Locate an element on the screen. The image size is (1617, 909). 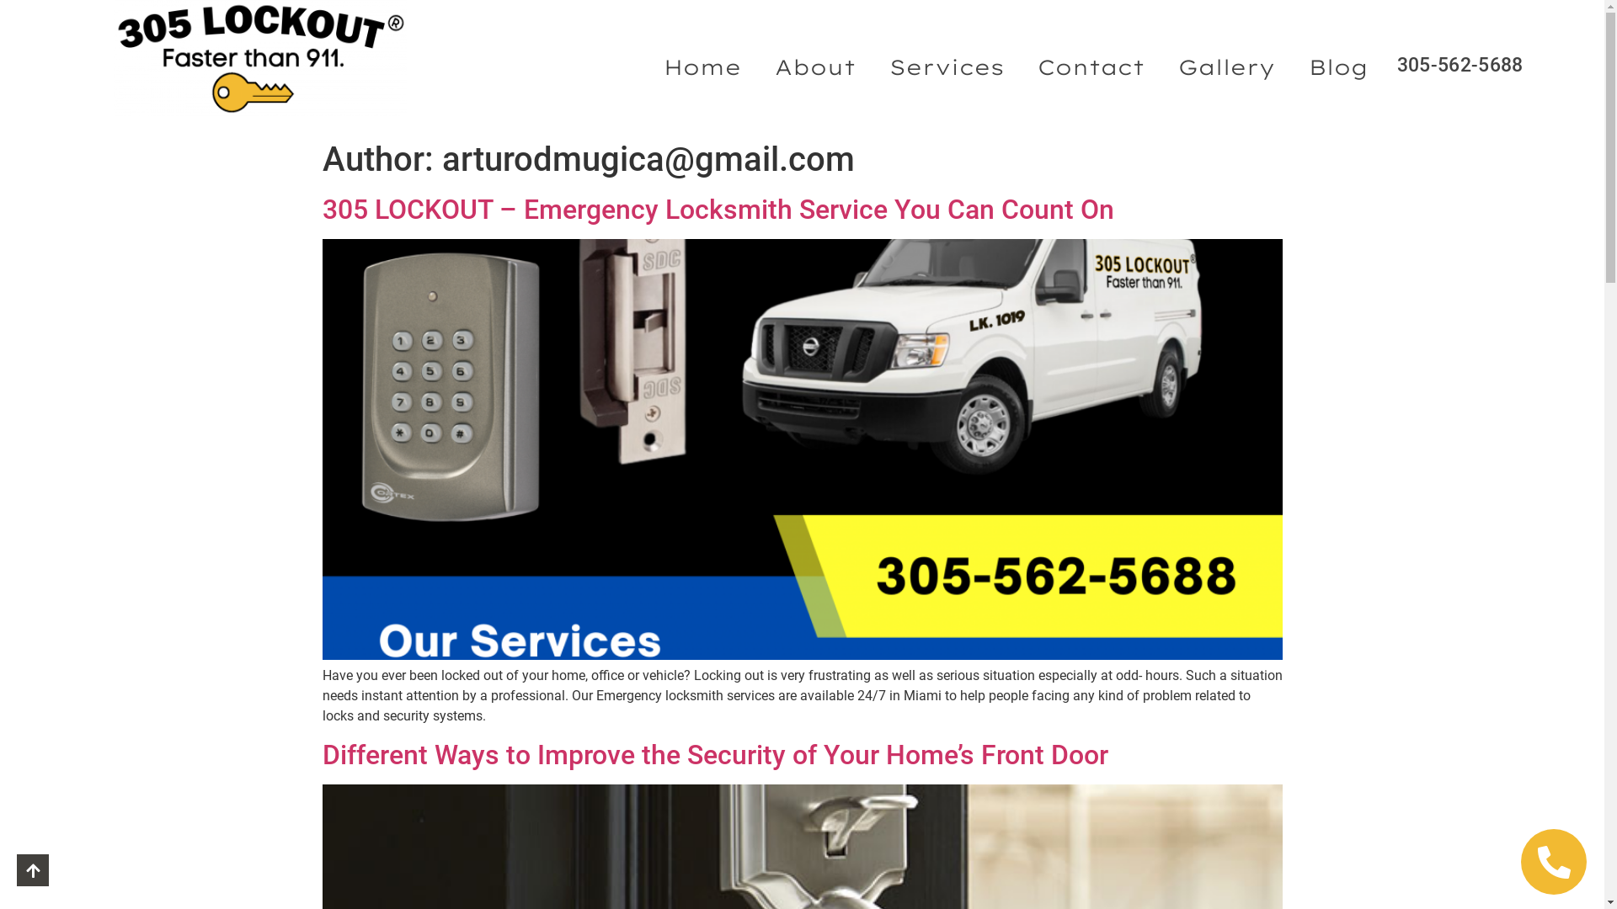
'About' is located at coordinates (815, 65).